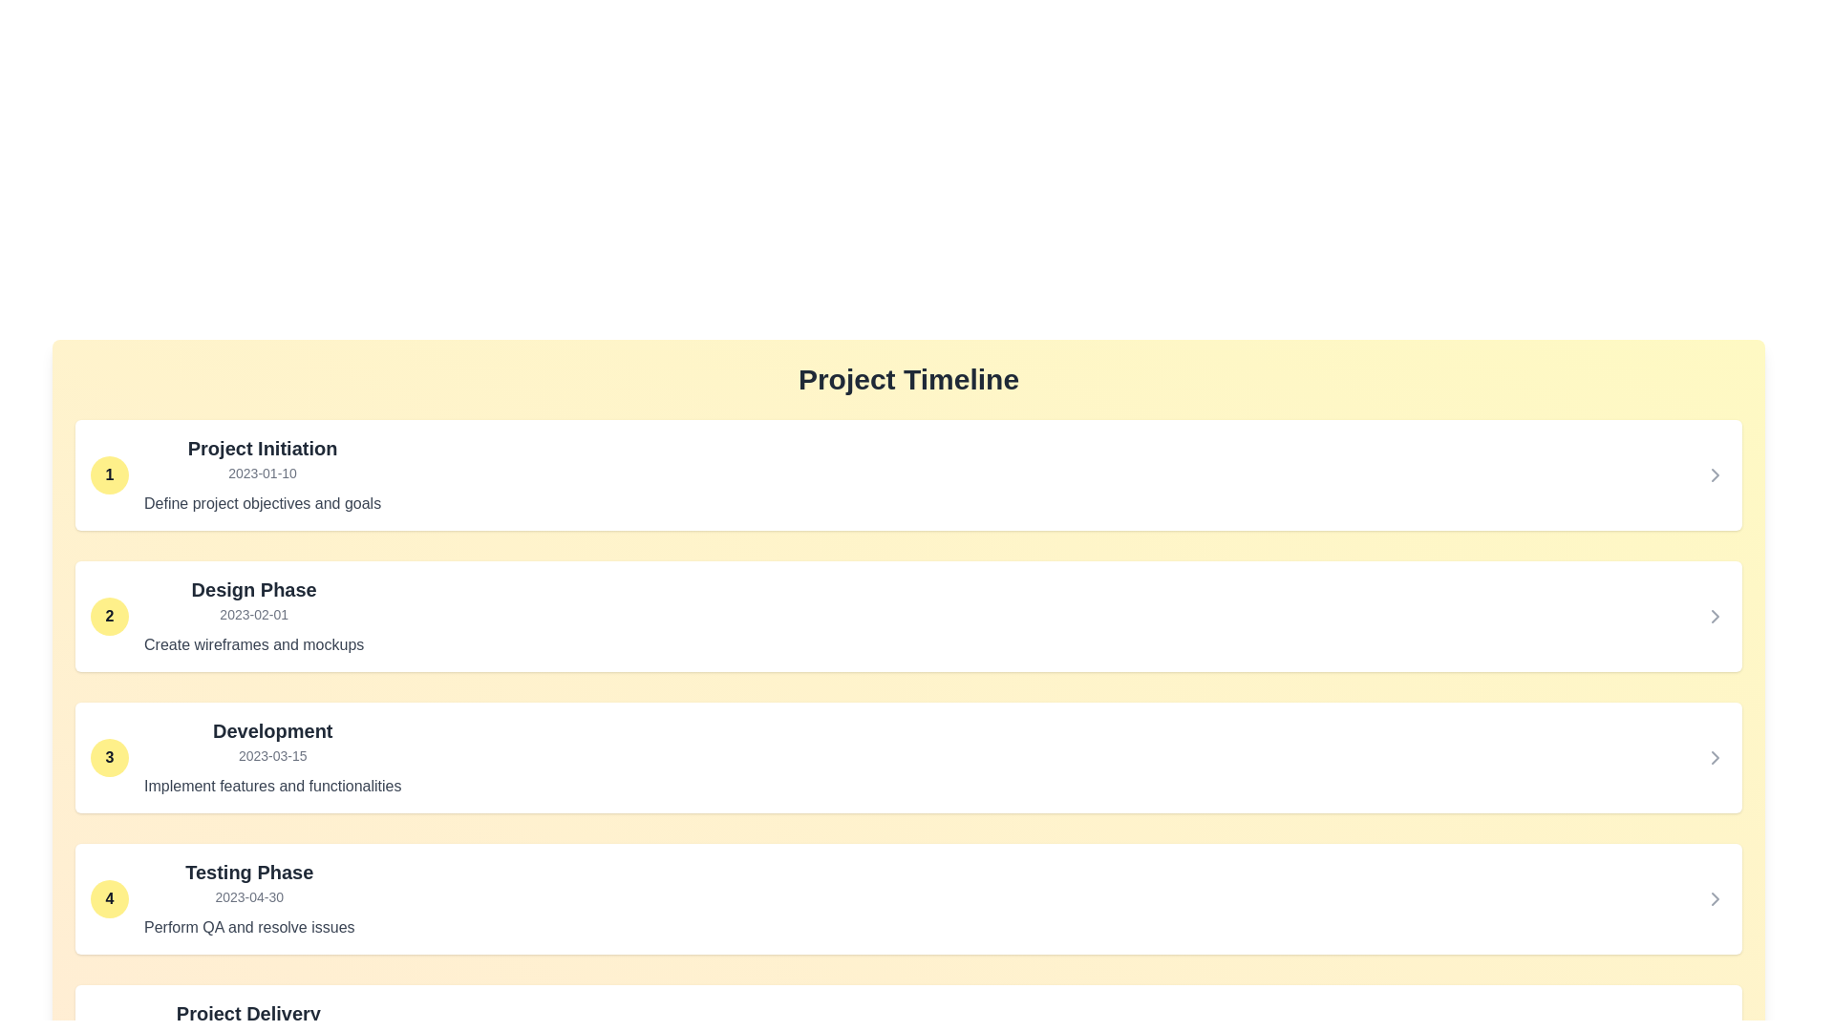 Image resolution: width=1834 pixels, height=1031 pixels. Describe the element at coordinates (248, 927) in the screenshot. I see `the text label displaying 'Perform QA and resolve issues' located beneath the date label in the 'Testing Phase' block` at that location.